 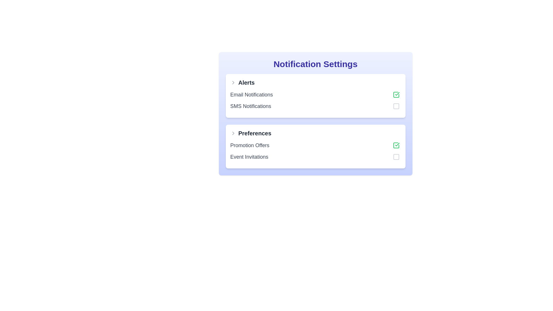 I want to click on the collapsible section icon next to the 'Alerts' heading, so click(x=233, y=82).